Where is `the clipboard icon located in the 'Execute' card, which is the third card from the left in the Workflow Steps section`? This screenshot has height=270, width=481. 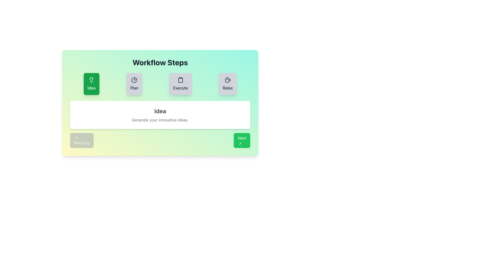 the clipboard icon located in the 'Execute' card, which is the third card from the left in the Workflow Steps section is located at coordinates (180, 80).